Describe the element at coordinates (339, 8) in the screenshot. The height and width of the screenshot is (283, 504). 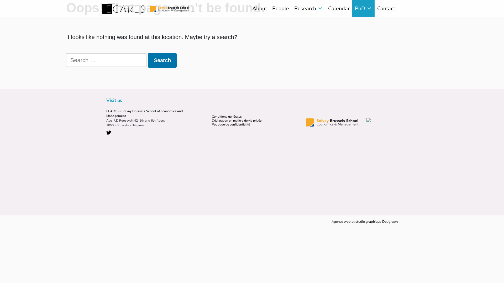
I see `'Calendar'` at that location.